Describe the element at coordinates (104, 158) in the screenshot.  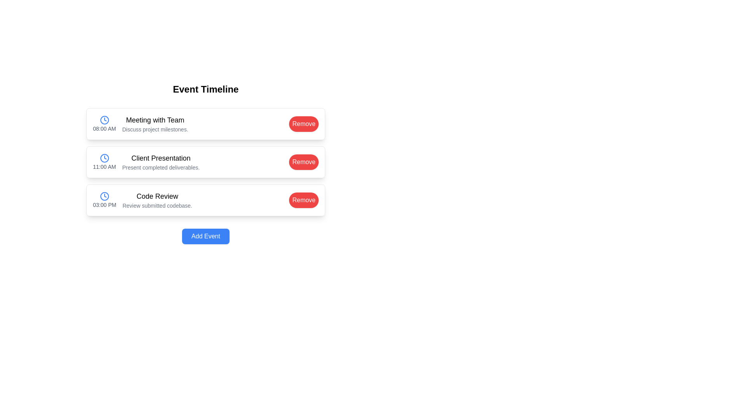
I see `the blue clock icon with a circular outline located at the top-left corner of the 'Client Presentation' event card, which is above the text '11:00 AM'` at that location.